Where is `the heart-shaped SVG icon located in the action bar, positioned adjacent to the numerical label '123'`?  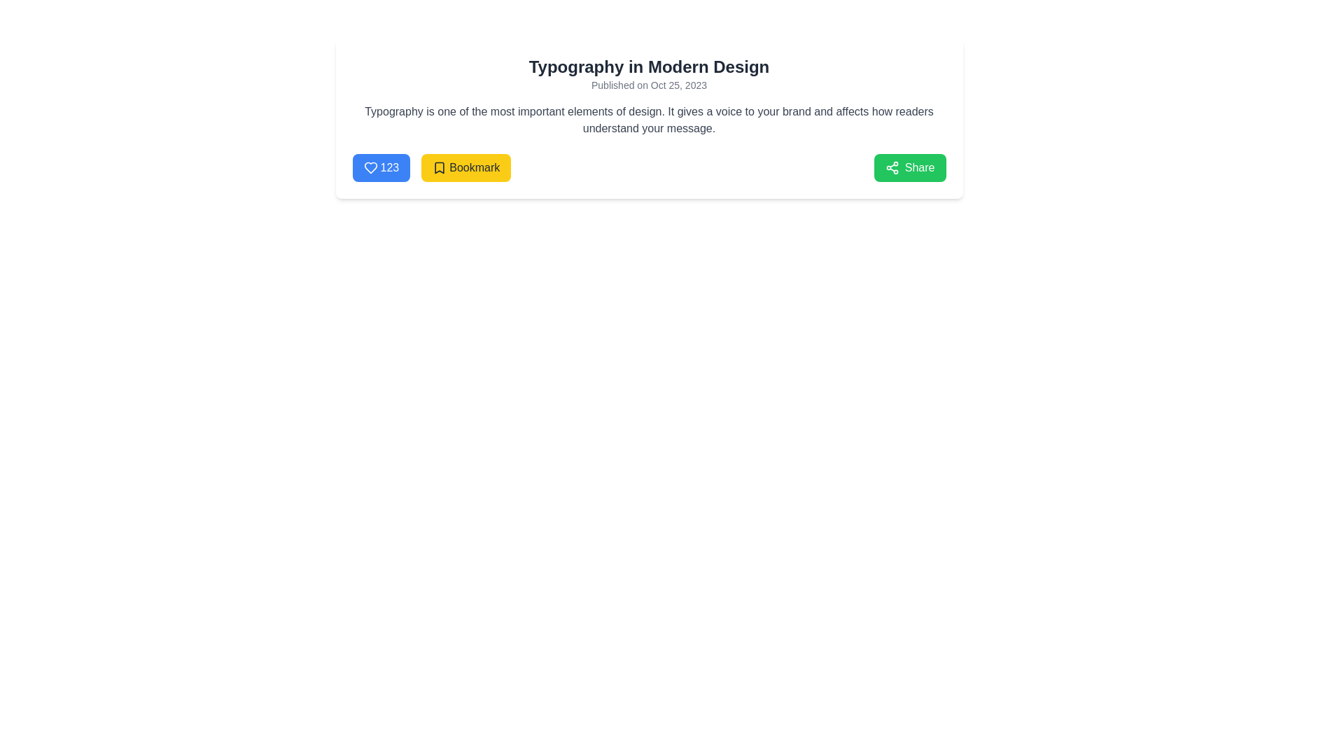
the heart-shaped SVG icon located in the action bar, positioned adjacent to the numerical label '123' is located at coordinates (370, 167).